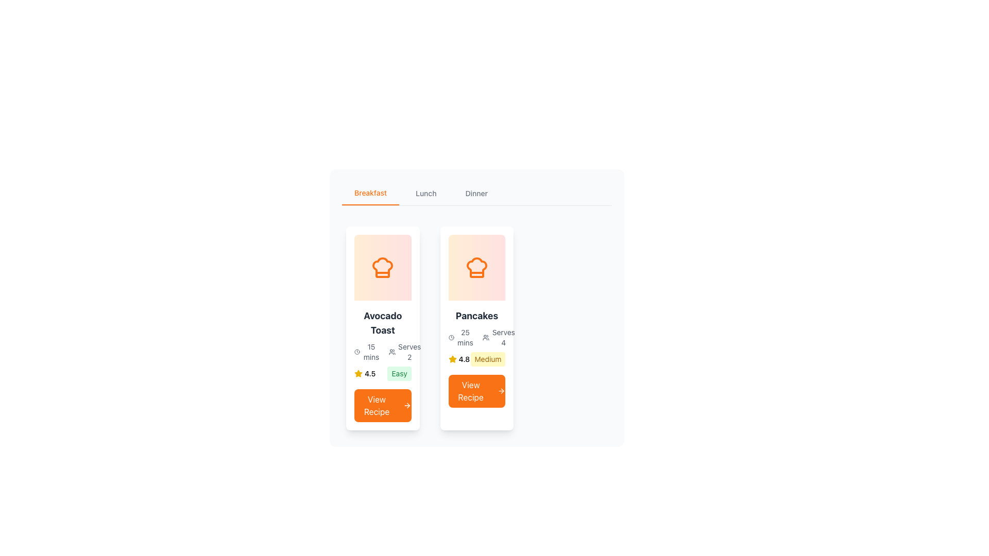 The height and width of the screenshot is (556, 989). I want to click on numeric rating value displayed in the text label for the 'Pancakes' recipe, located to the right of the yellow star icon beneath the recipe image and title, so click(464, 359).